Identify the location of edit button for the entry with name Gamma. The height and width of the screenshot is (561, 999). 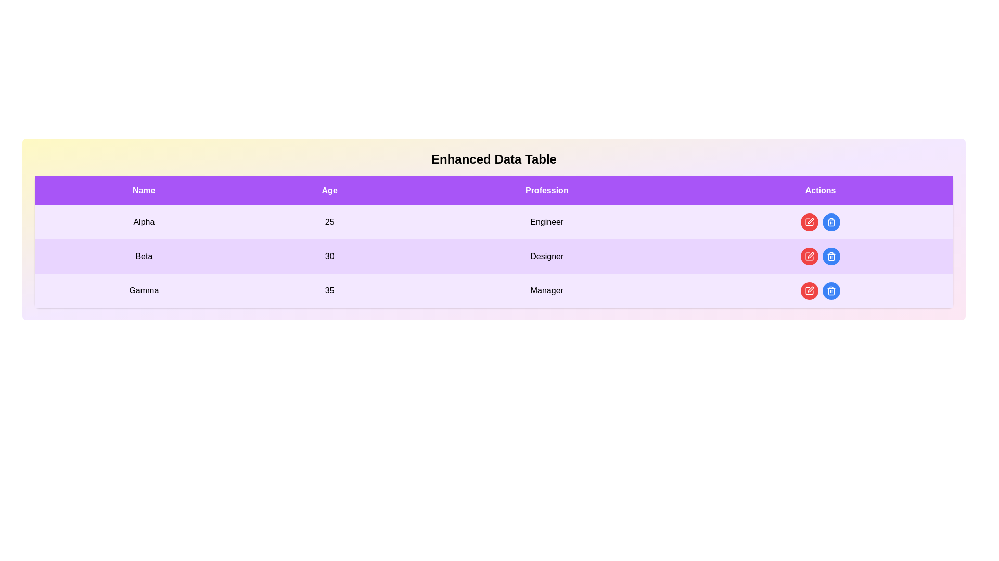
(809, 290).